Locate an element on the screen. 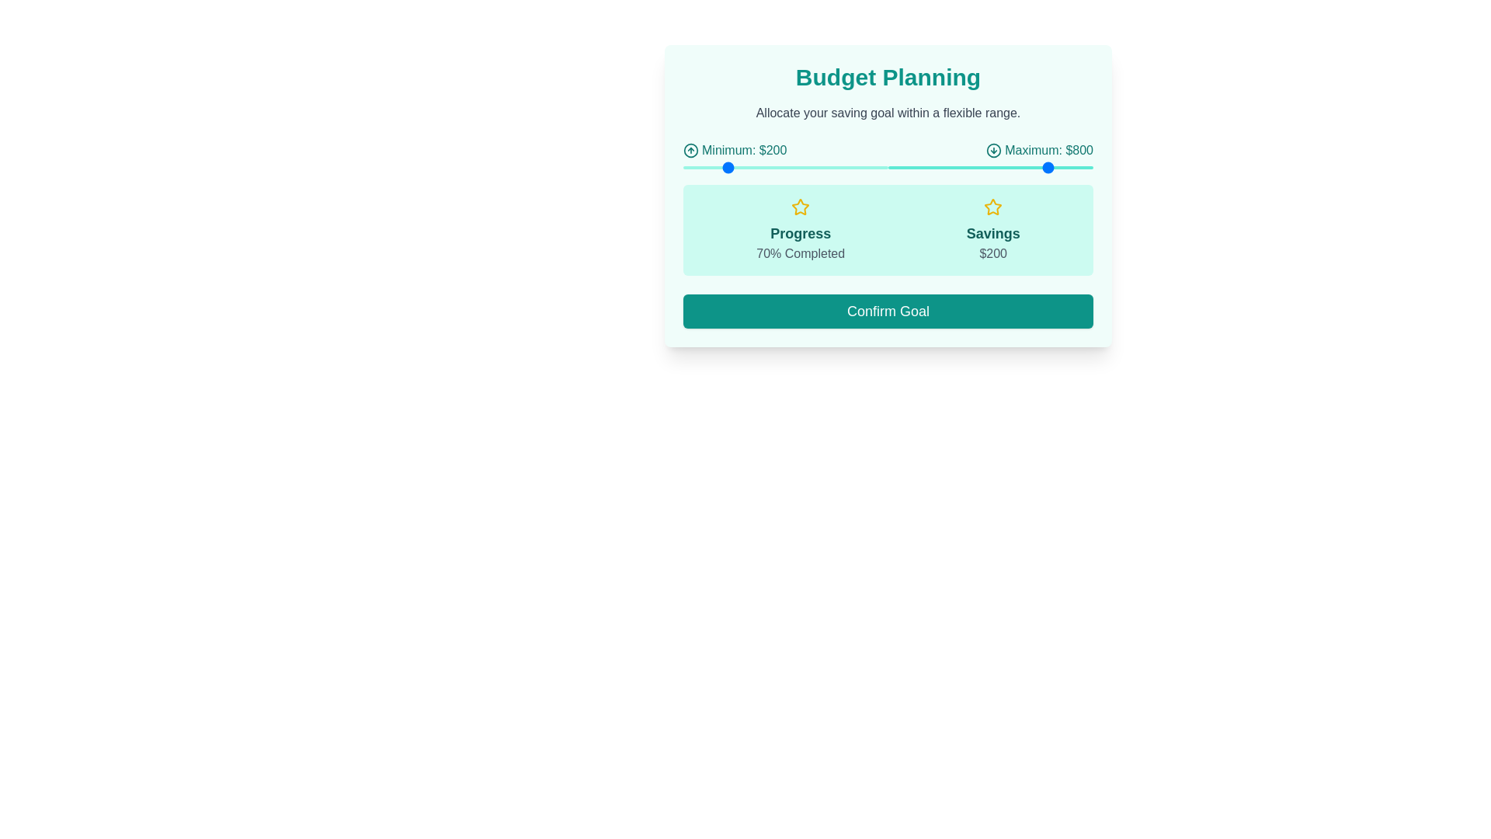  the slider value is located at coordinates (779, 168).